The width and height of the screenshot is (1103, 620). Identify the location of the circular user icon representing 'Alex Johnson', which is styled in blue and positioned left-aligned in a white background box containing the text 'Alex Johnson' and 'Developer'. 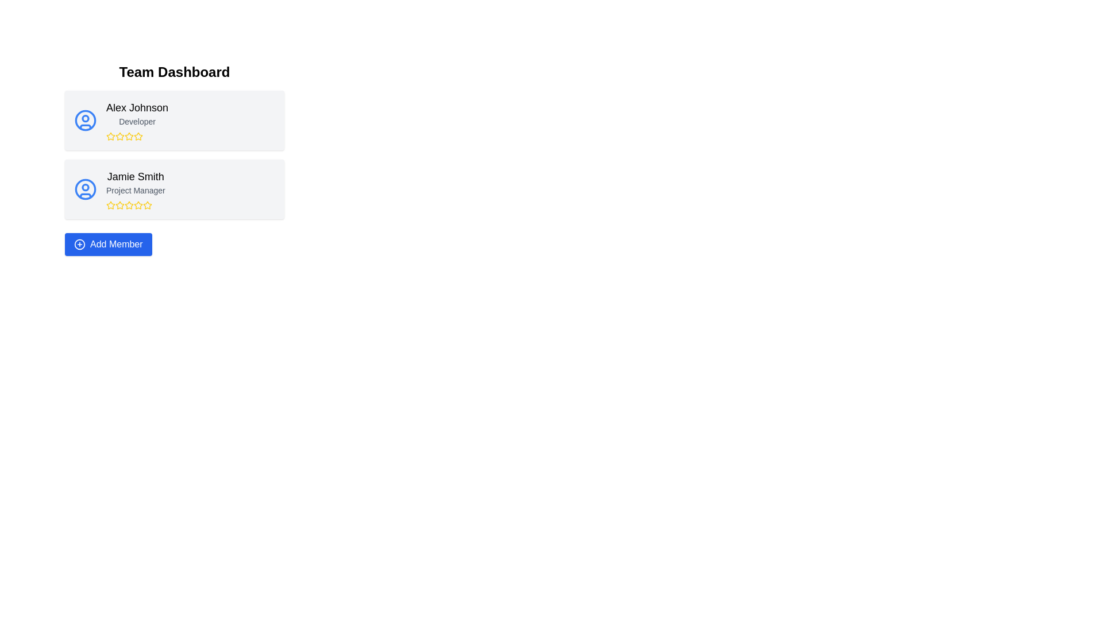
(84, 120).